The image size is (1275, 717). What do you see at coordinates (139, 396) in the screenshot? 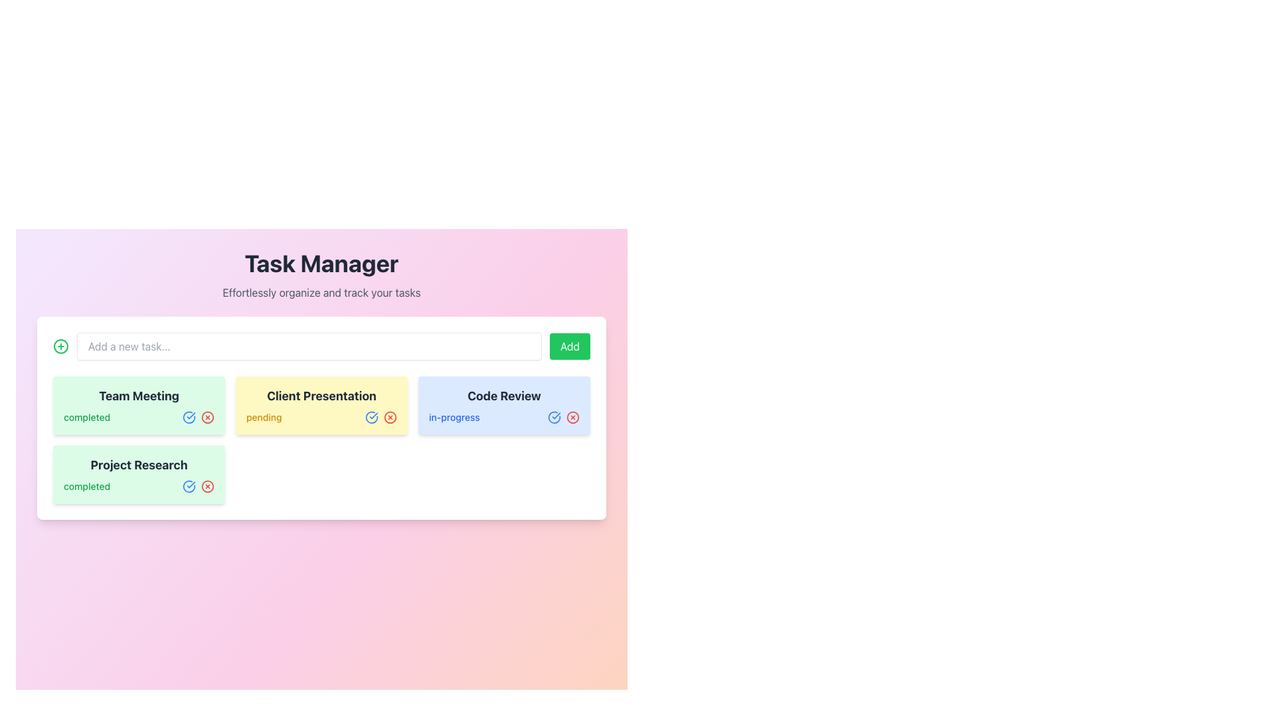
I see `the 'Team Meeting' text label, which serves as the title for the task card located in the upper-left corner of the task list grid` at bounding box center [139, 396].